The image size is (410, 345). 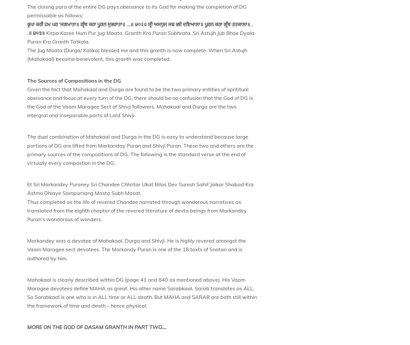 What do you see at coordinates (27, 101) in the screenshot?
I see `'Given the fact that Mahakaal and Durga are found to be the two primary entities of sprititual obeisance and focus at every turn of the DG, there should be no confusion that the God of DG is the God of the Vaam Maragee Sect of Shivji followers. Mahakaal and Durga are the two intergral and inseparable parts of Lord Shivji.'` at bounding box center [27, 101].